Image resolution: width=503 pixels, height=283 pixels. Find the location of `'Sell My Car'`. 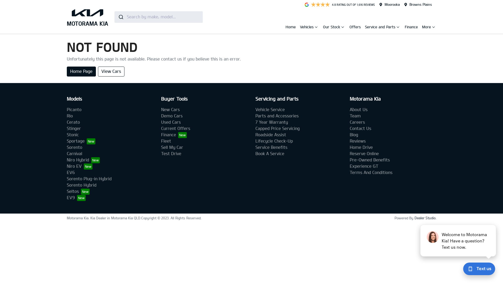

'Sell My Car' is located at coordinates (172, 147).